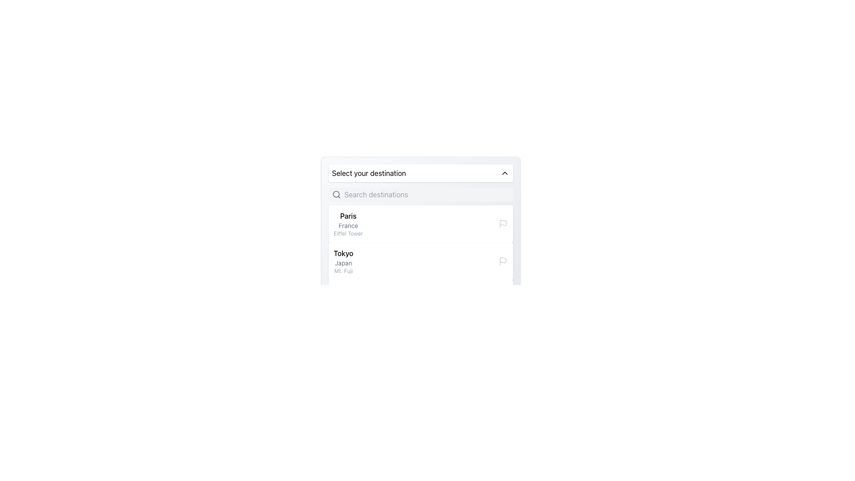 This screenshot has width=855, height=481. Describe the element at coordinates (420, 223) in the screenshot. I see `the first list item in the dropdown menu that displays 'Paris', 'France', and 'Eiffel Tower'` at that location.